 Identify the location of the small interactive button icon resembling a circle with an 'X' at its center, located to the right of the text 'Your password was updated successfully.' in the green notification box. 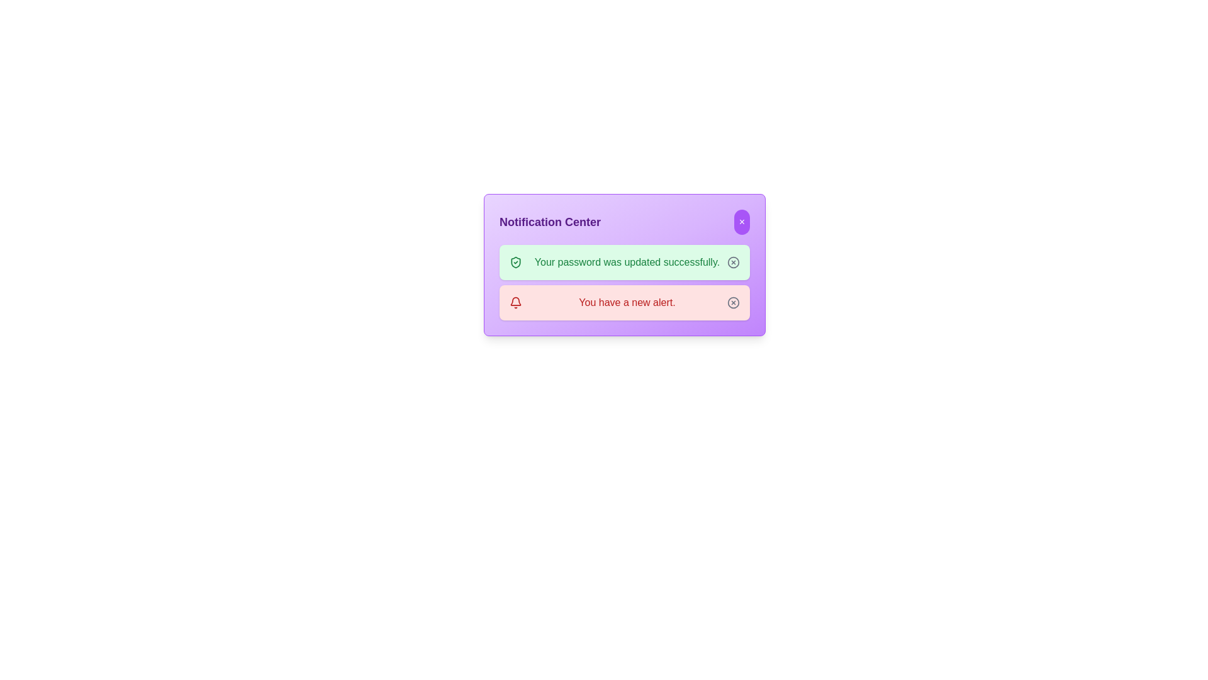
(734, 261).